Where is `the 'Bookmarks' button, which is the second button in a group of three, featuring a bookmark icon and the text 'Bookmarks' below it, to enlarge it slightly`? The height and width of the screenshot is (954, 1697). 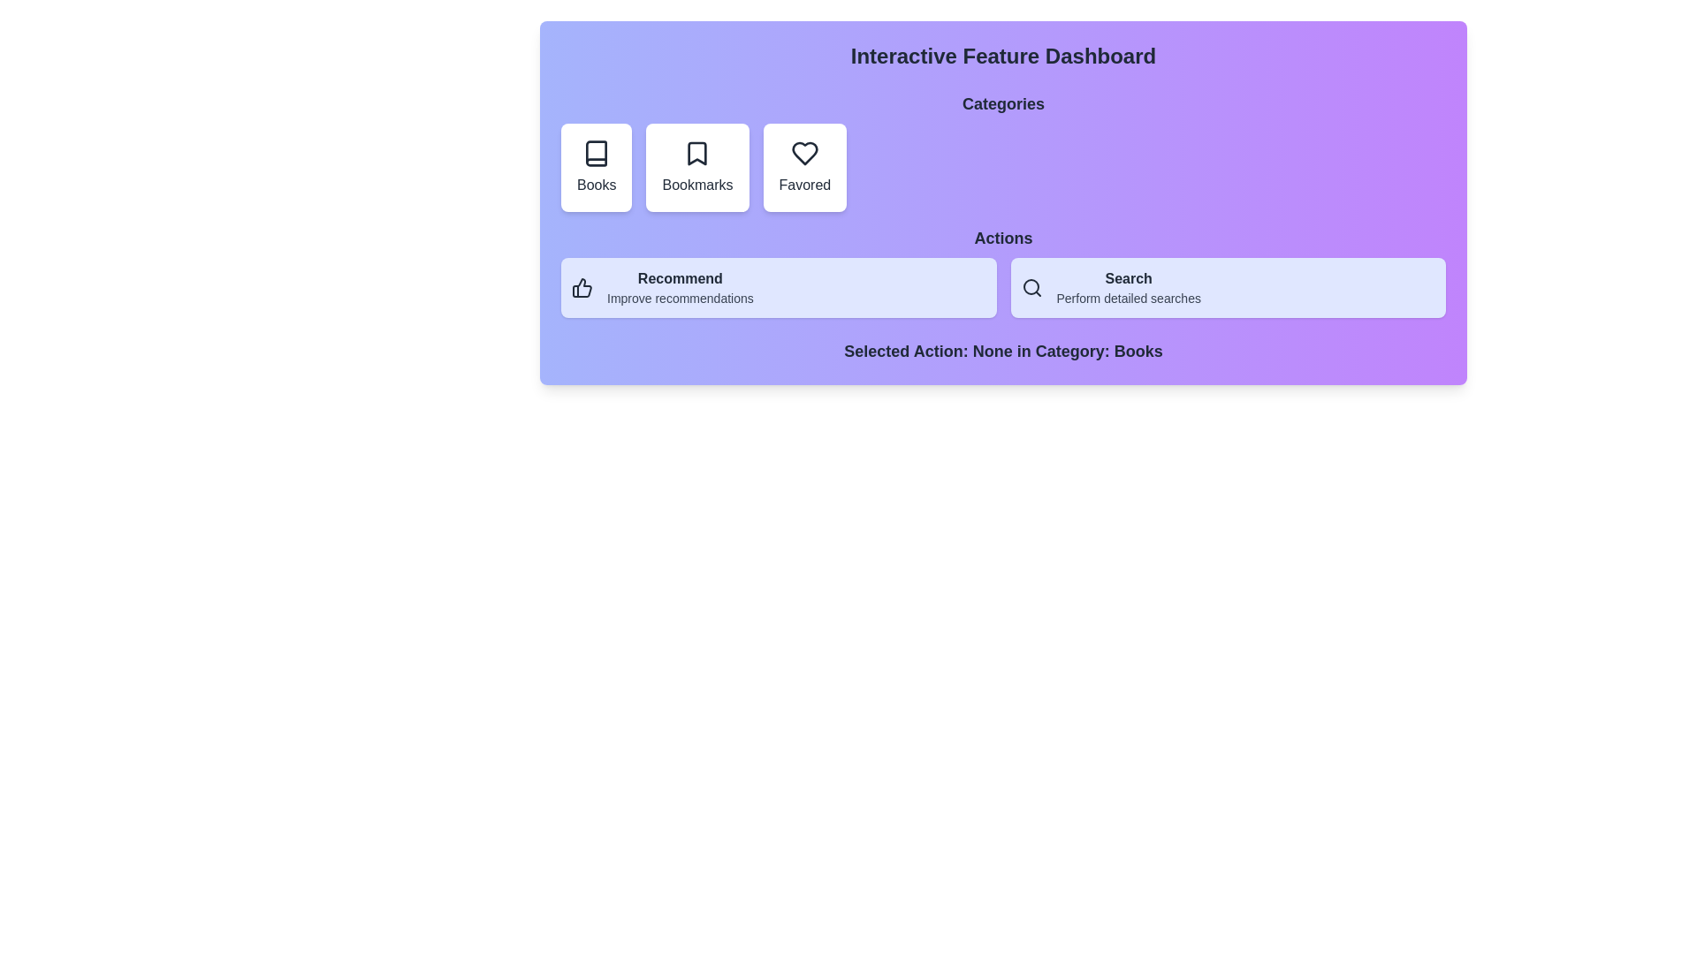
the 'Bookmarks' button, which is the second button in a group of three, featuring a bookmark icon and the text 'Bookmarks' below it, to enlarge it slightly is located at coordinates (696, 167).